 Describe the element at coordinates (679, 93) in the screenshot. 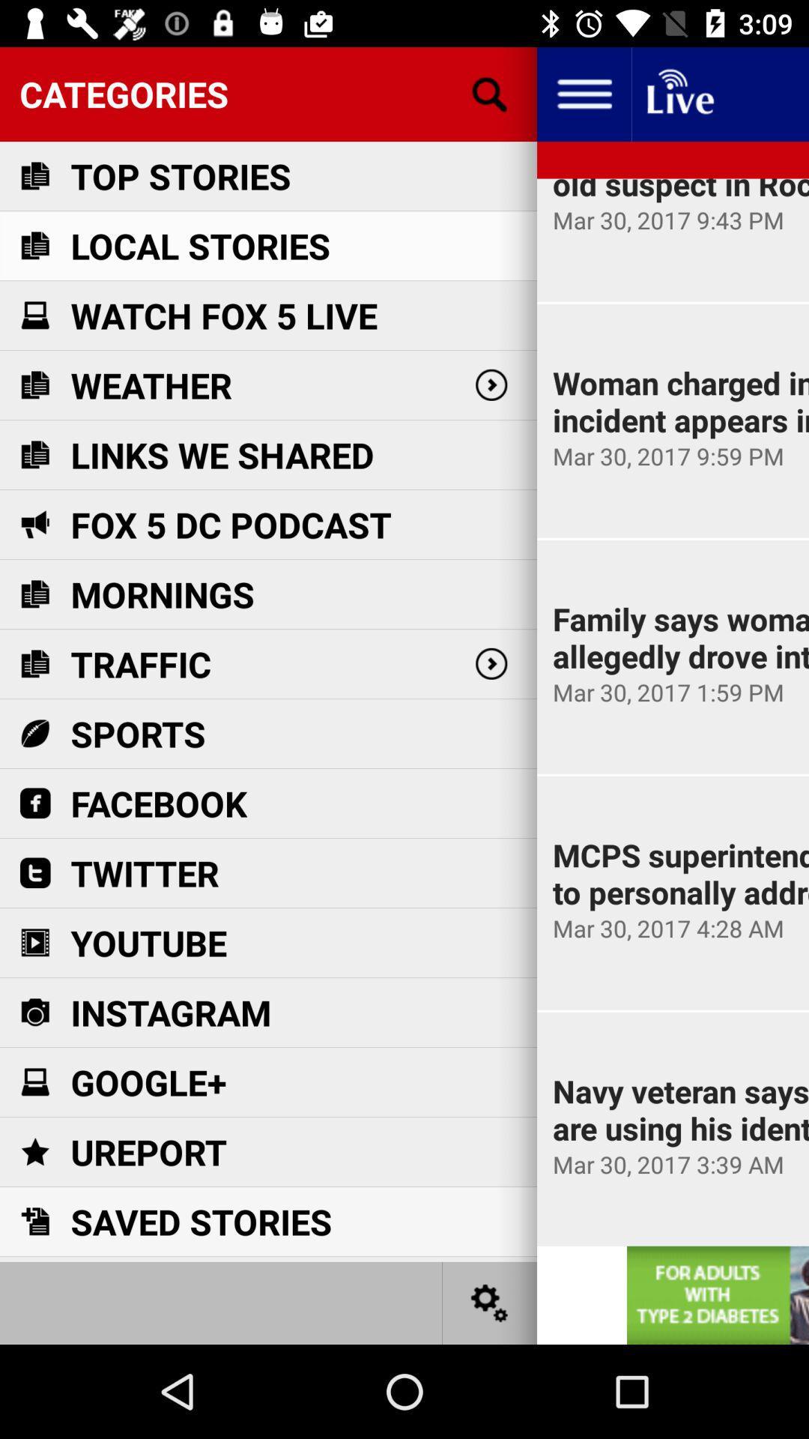

I see `live option` at that location.